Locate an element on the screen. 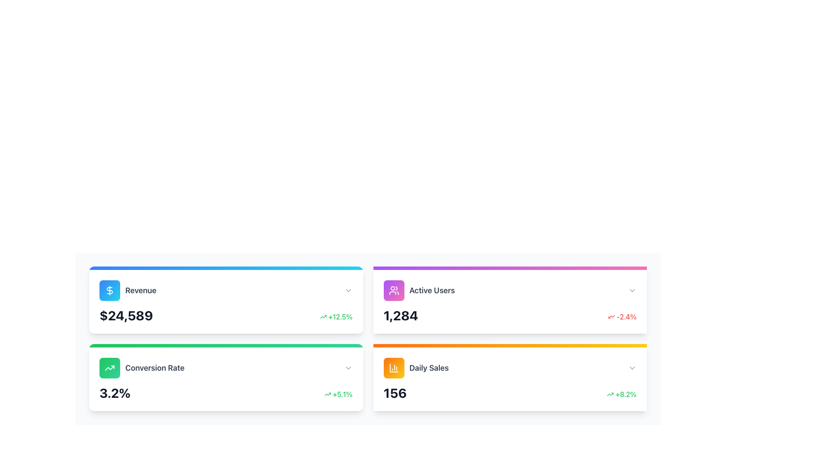 Image resolution: width=827 pixels, height=465 pixels. the icon located at the top-left corner of the 'Revenue' card, which visually represents monetary information is located at coordinates (109, 291).